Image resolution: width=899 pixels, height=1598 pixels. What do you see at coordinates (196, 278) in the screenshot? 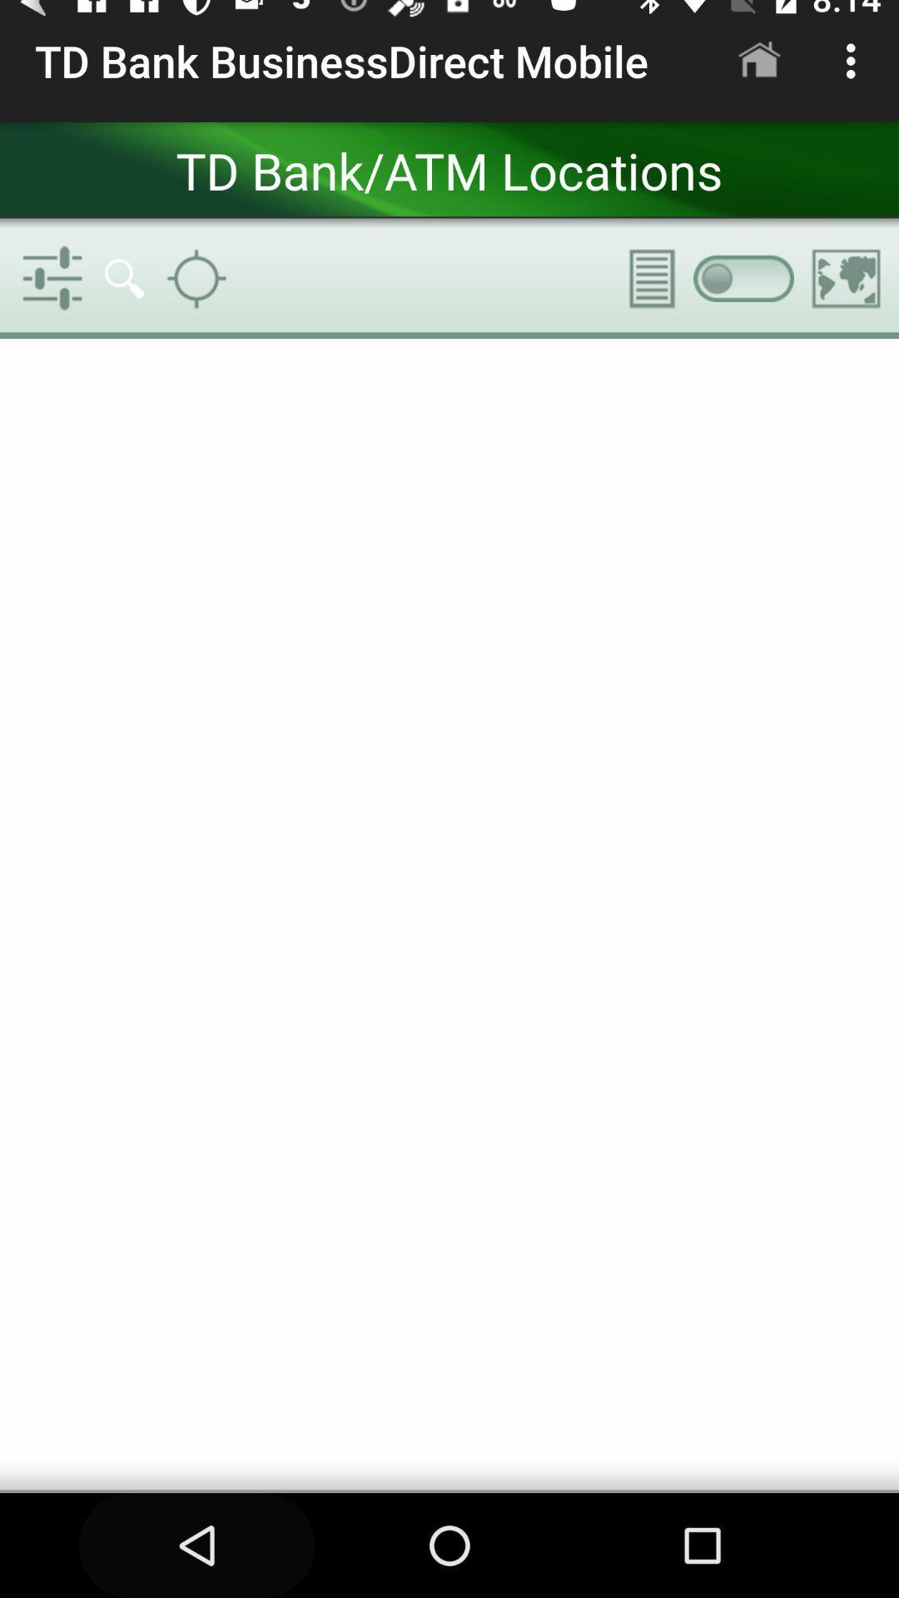
I see `the location_crosshair icon` at bounding box center [196, 278].